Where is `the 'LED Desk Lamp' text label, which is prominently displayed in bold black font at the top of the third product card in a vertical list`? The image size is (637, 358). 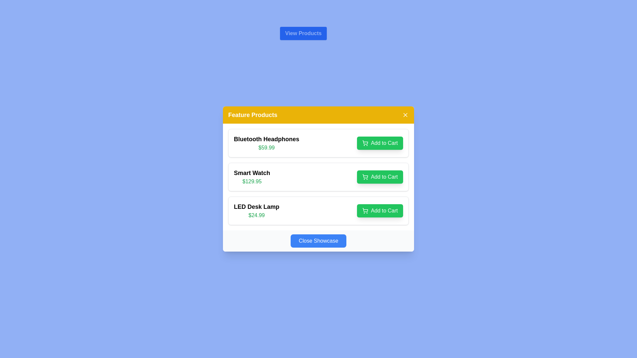 the 'LED Desk Lamp' text label, which is prominently displayed in bold black font at the top of the third product card in a vertical list is located at coordinates (256, 207).